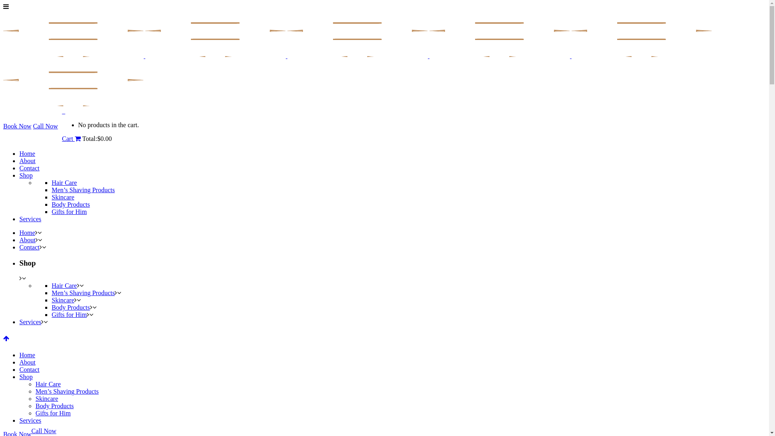 The width and height of the screenshot is (775, 436). What do you see at coordinates (19, 175) in the screenshot?
I see `'Shop'` at bounding box center [19, 175].